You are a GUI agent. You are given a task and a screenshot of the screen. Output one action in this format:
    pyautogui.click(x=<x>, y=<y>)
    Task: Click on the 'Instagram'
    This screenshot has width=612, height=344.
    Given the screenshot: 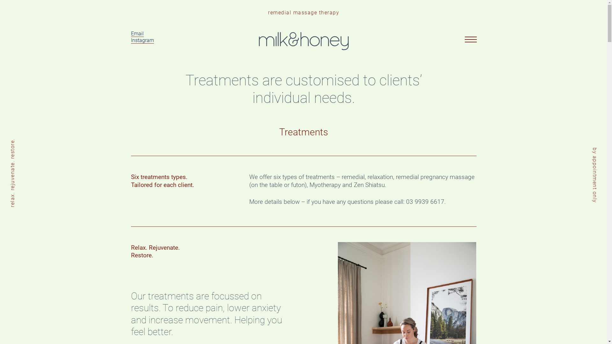 What is the action you would take?
    pyautogui.click(x=142, y=40)
    